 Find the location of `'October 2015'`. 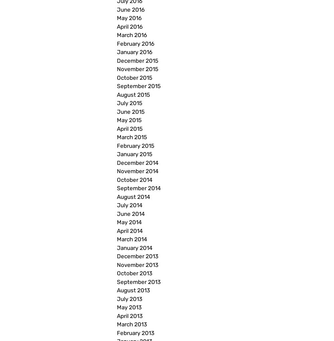

'October 2015' is located at coordinates (135, 77).